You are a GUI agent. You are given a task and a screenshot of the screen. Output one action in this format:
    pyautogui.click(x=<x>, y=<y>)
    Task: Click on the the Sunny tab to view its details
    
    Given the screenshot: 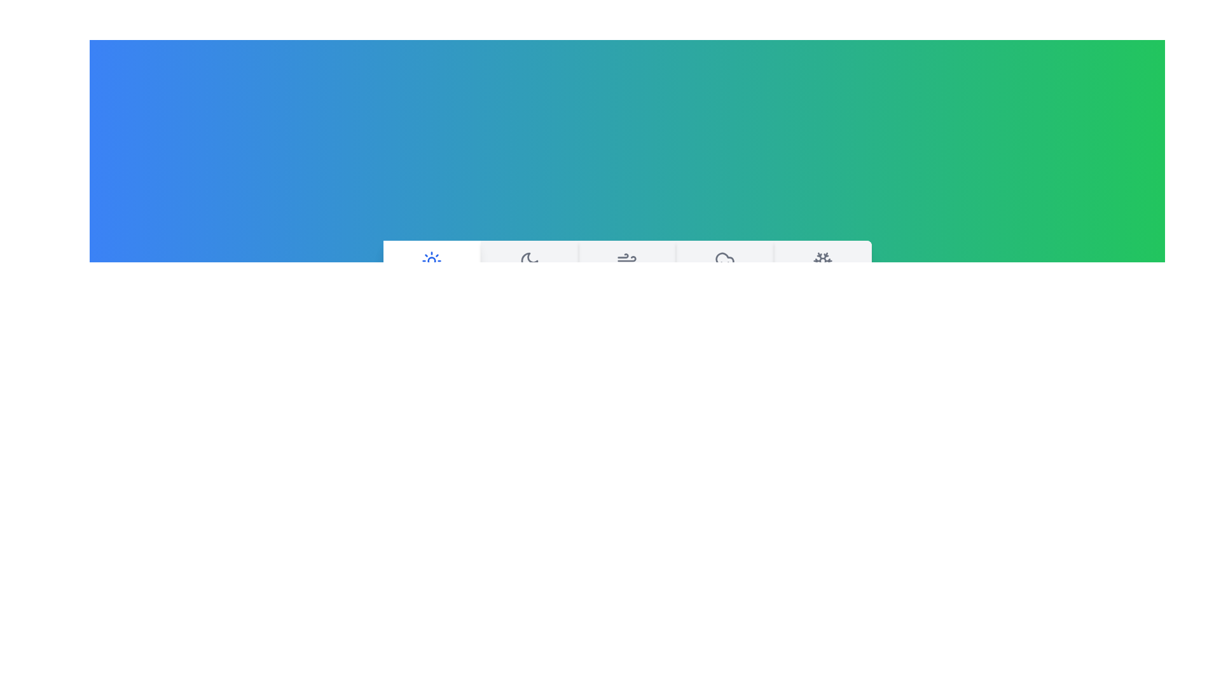 What is the action you would take?
    pyautogui.click(x=431, y=273)
    